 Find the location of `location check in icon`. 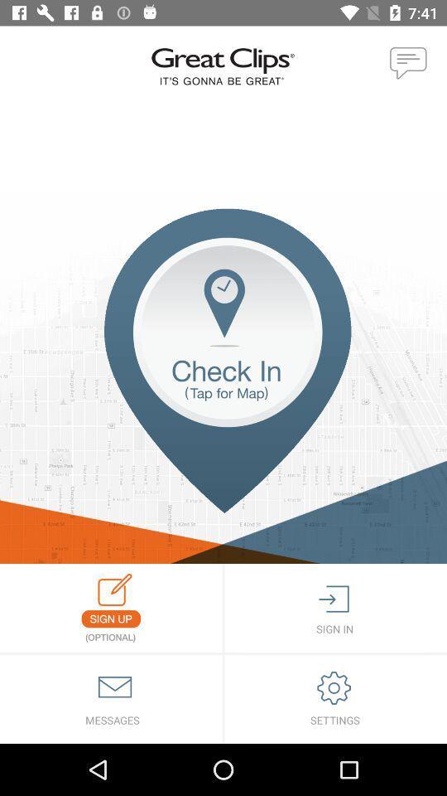

location check in icon is located at coordinates (223, 386).